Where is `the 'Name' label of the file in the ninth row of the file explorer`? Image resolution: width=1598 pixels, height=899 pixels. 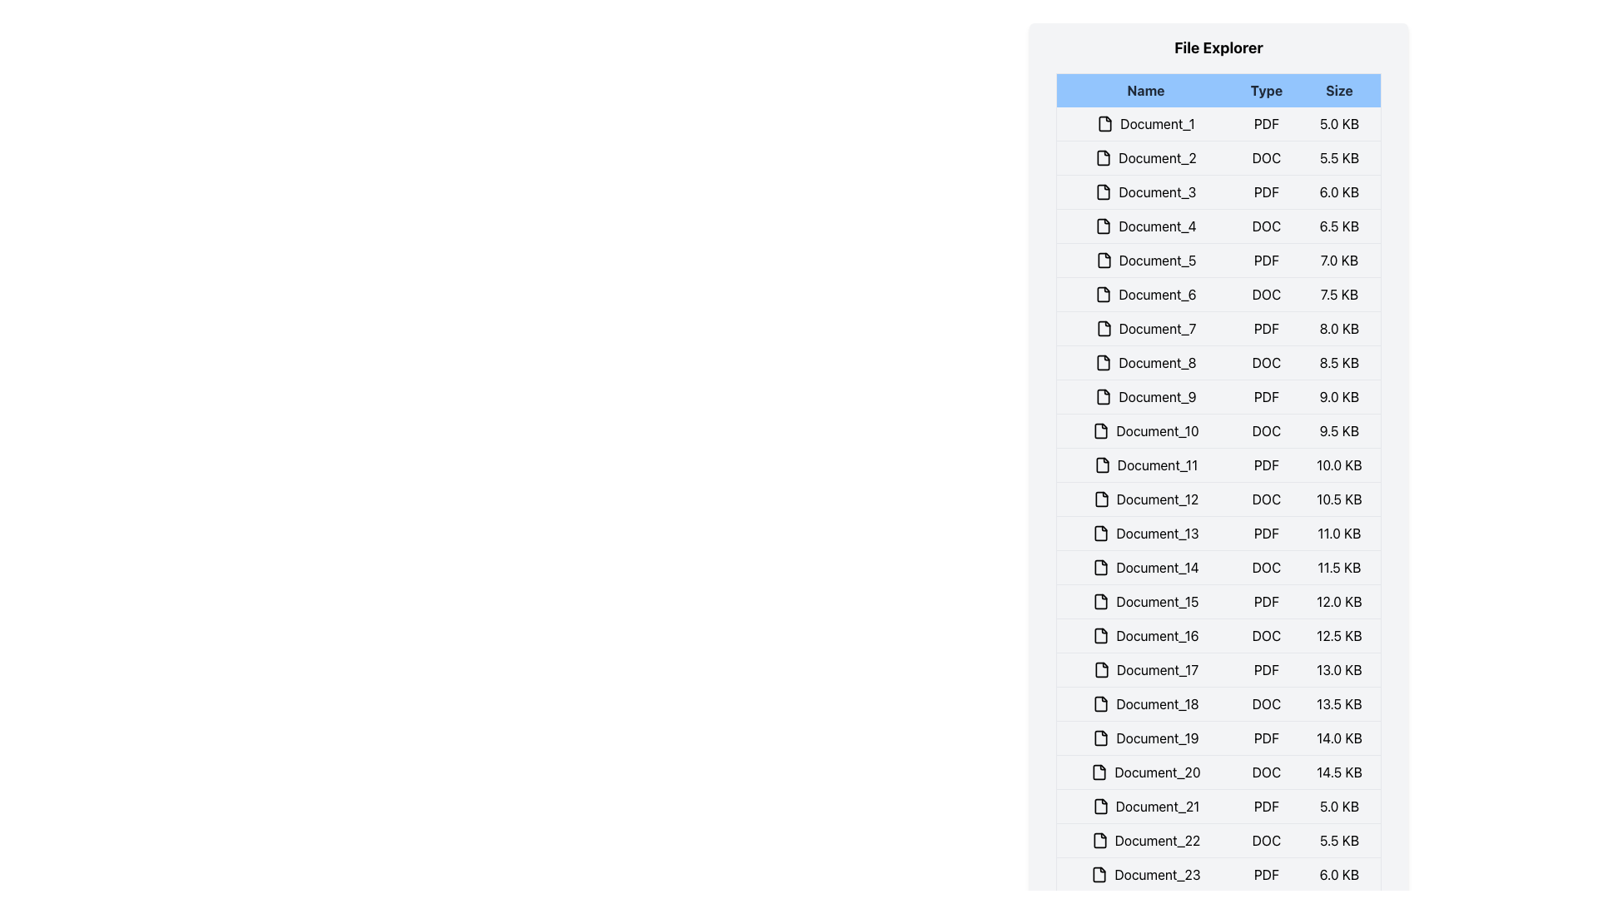 the 'Name' label of the file in the ninth row of the file explorer is located at coordinates (1145, 397).